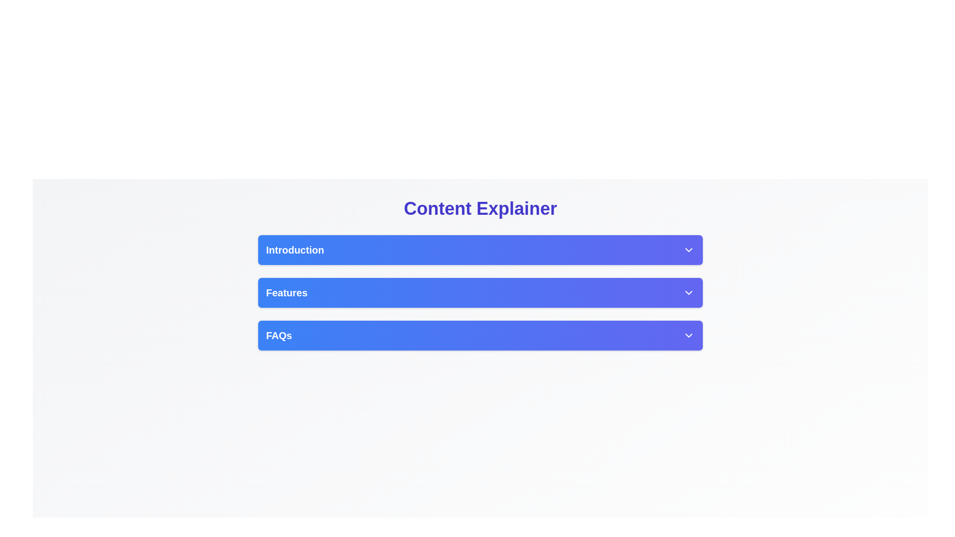 This screenshot has width=955, height=537. Describe the element at coordinates (688, 249) in the screenshot. I see `the chevron icon located on the far-right side of the 'Introduction' button for keyboard interaction` at that location.